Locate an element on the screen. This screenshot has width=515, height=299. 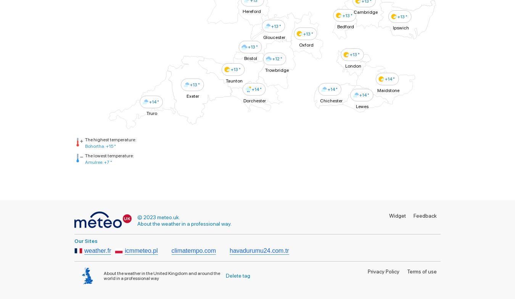
'climatempo.com' is located at coordinates (193, 250).